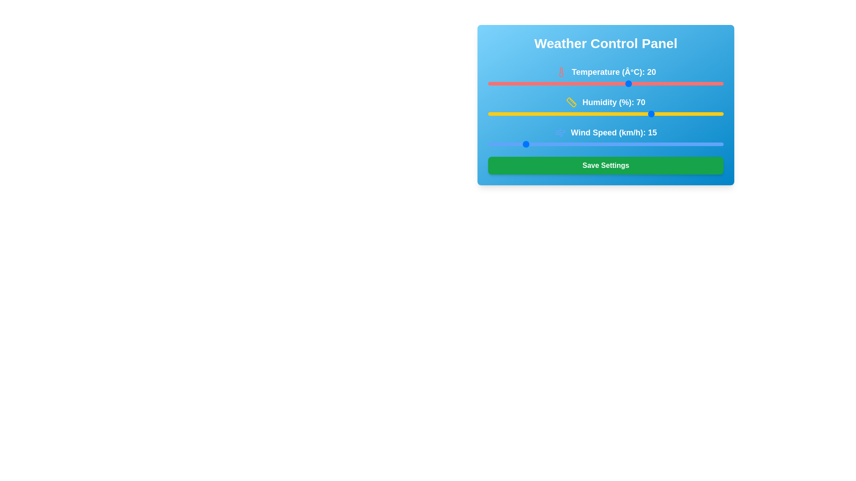  Describe the element at coordinates (605, 144) in the screenshot. I see `the horizontal slider with bright blue color, located below the 'Wind Speed (km/h): 15' label` at that location.